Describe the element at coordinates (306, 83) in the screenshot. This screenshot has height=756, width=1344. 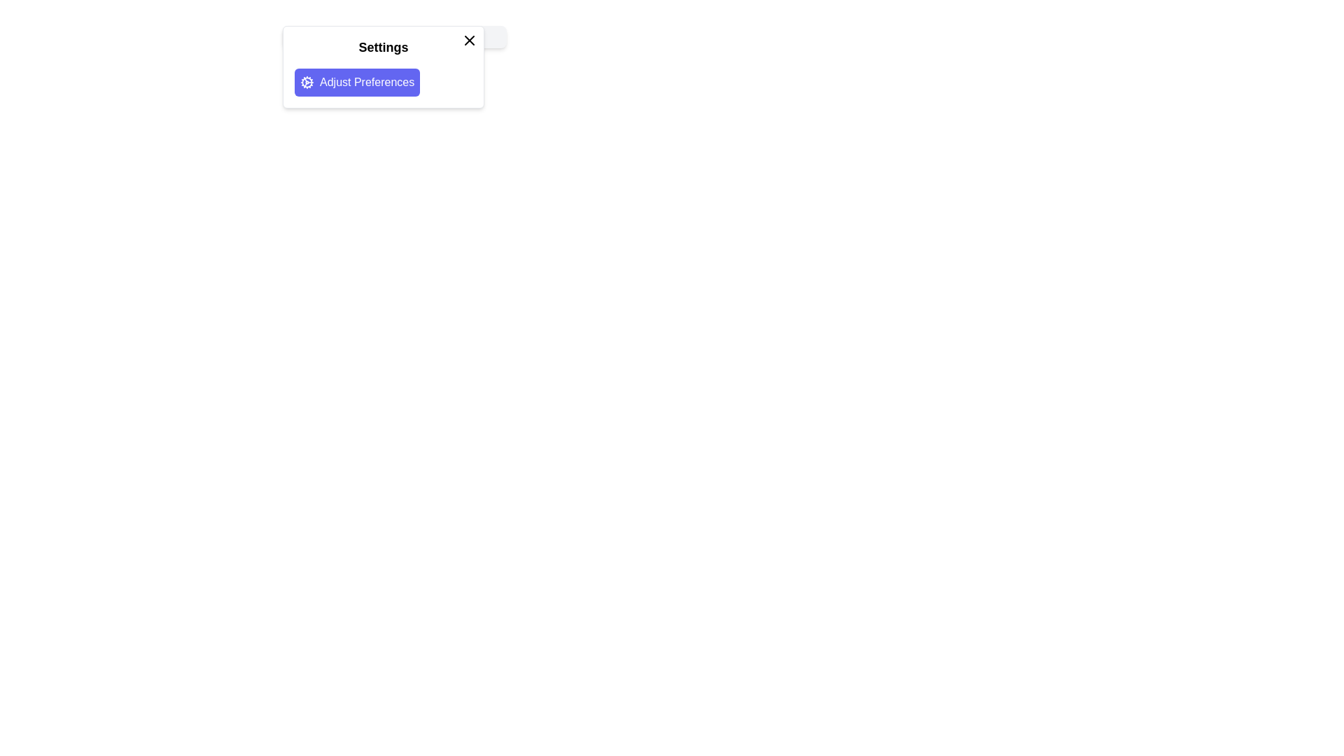
I see `the settings cog icon located in the top right panel, which indicates the settings menu feature, aligned vertically with the 'Adjust Preferences' text` at that location.